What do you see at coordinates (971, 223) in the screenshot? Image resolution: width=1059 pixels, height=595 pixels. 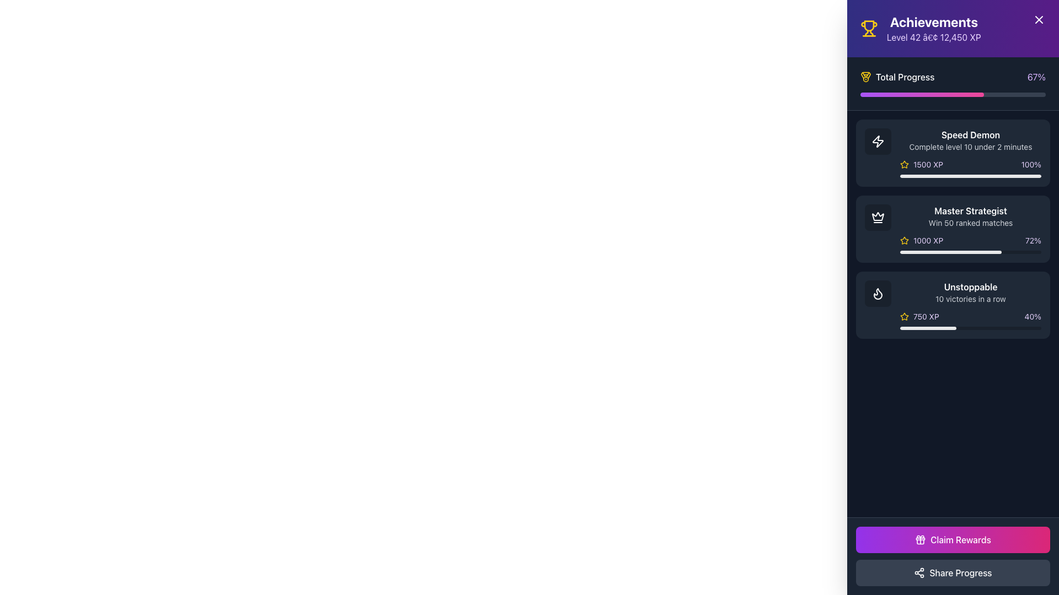 I see `the text label displaying 'Win 50 ranked matches', which is a light gray small font description under the 'Master Strategist' achievement in the sidebar` at bounding box center [971, 223].